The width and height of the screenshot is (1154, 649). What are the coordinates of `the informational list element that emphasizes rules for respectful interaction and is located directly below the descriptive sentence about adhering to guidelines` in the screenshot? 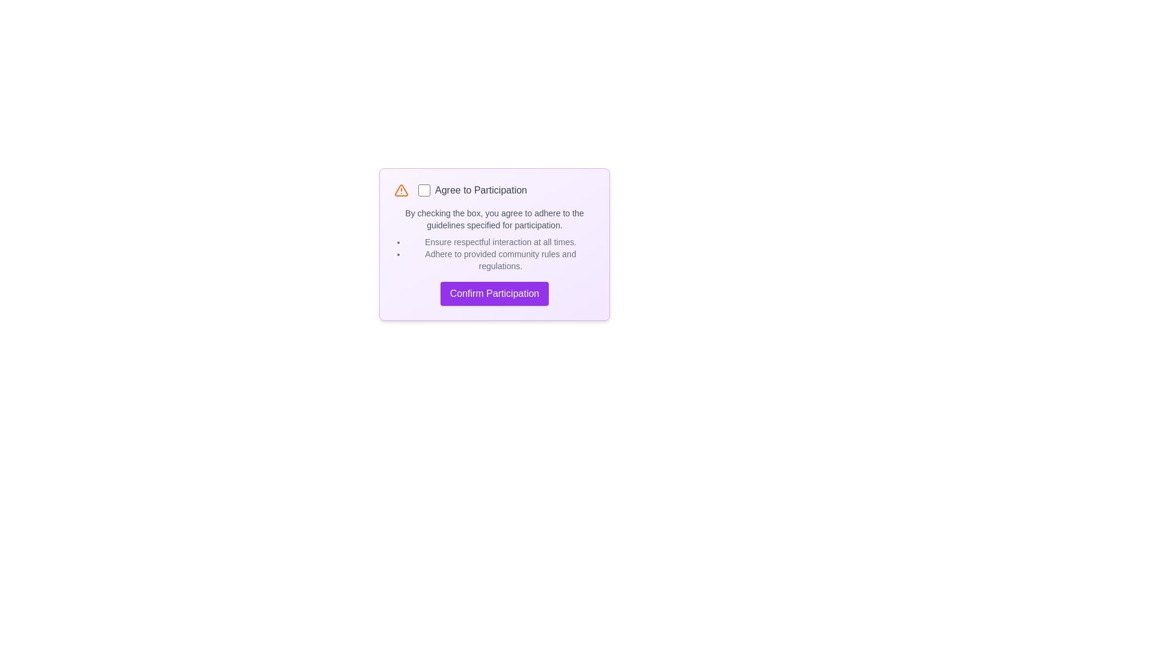 It's located at (494, 254).